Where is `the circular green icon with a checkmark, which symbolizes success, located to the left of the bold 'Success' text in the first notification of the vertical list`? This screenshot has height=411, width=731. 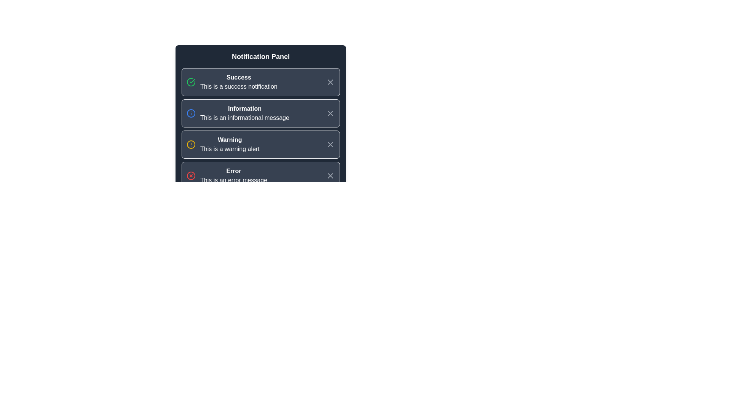 the circular green icon with a checkmark, which symbolizes success, located to the left of the bold 'Success' text in the first notification of the vertical list is located at coordinates (191, 82).